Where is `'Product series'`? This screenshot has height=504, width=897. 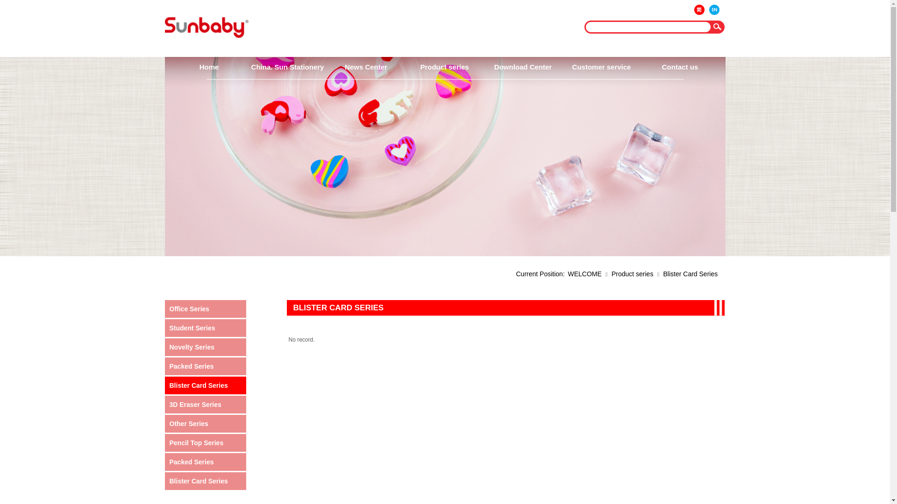 'Product series' is located at coordinates (443, 66).